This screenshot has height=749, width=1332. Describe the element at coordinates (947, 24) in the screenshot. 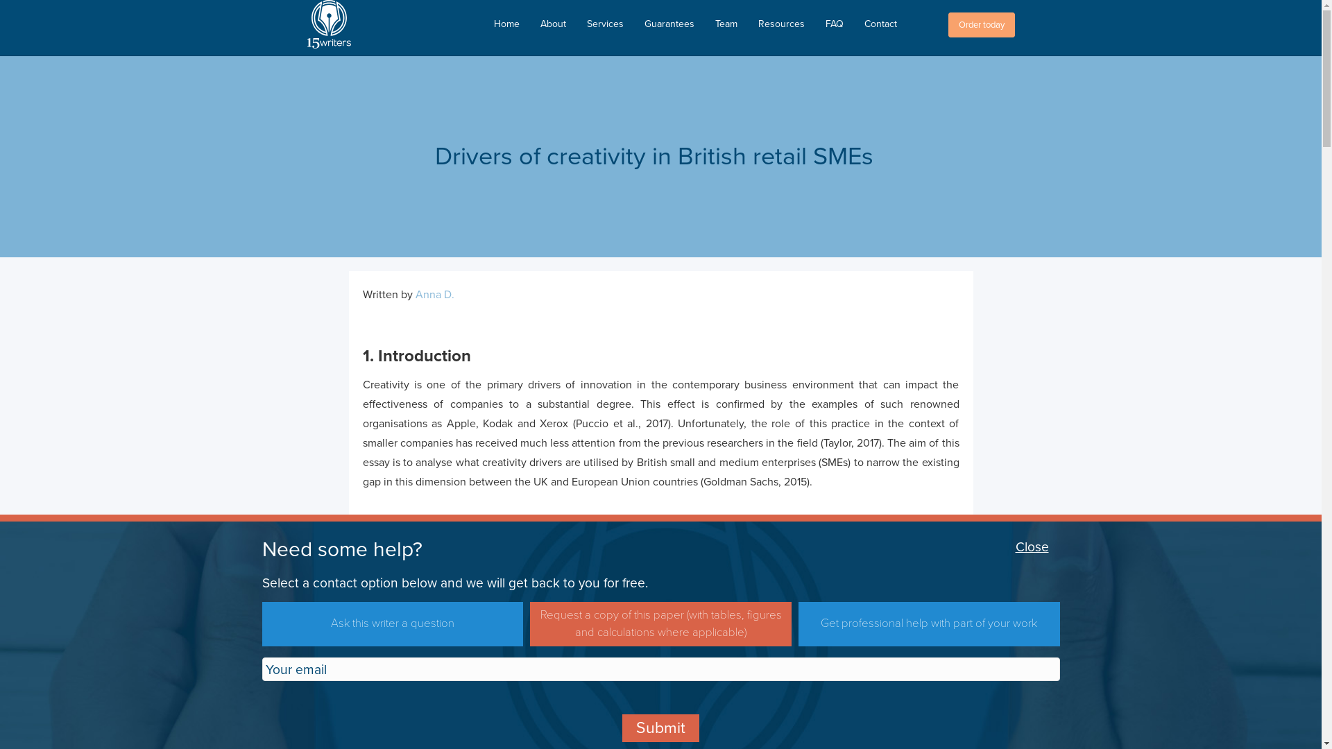

I see `'Order today'` at that location.